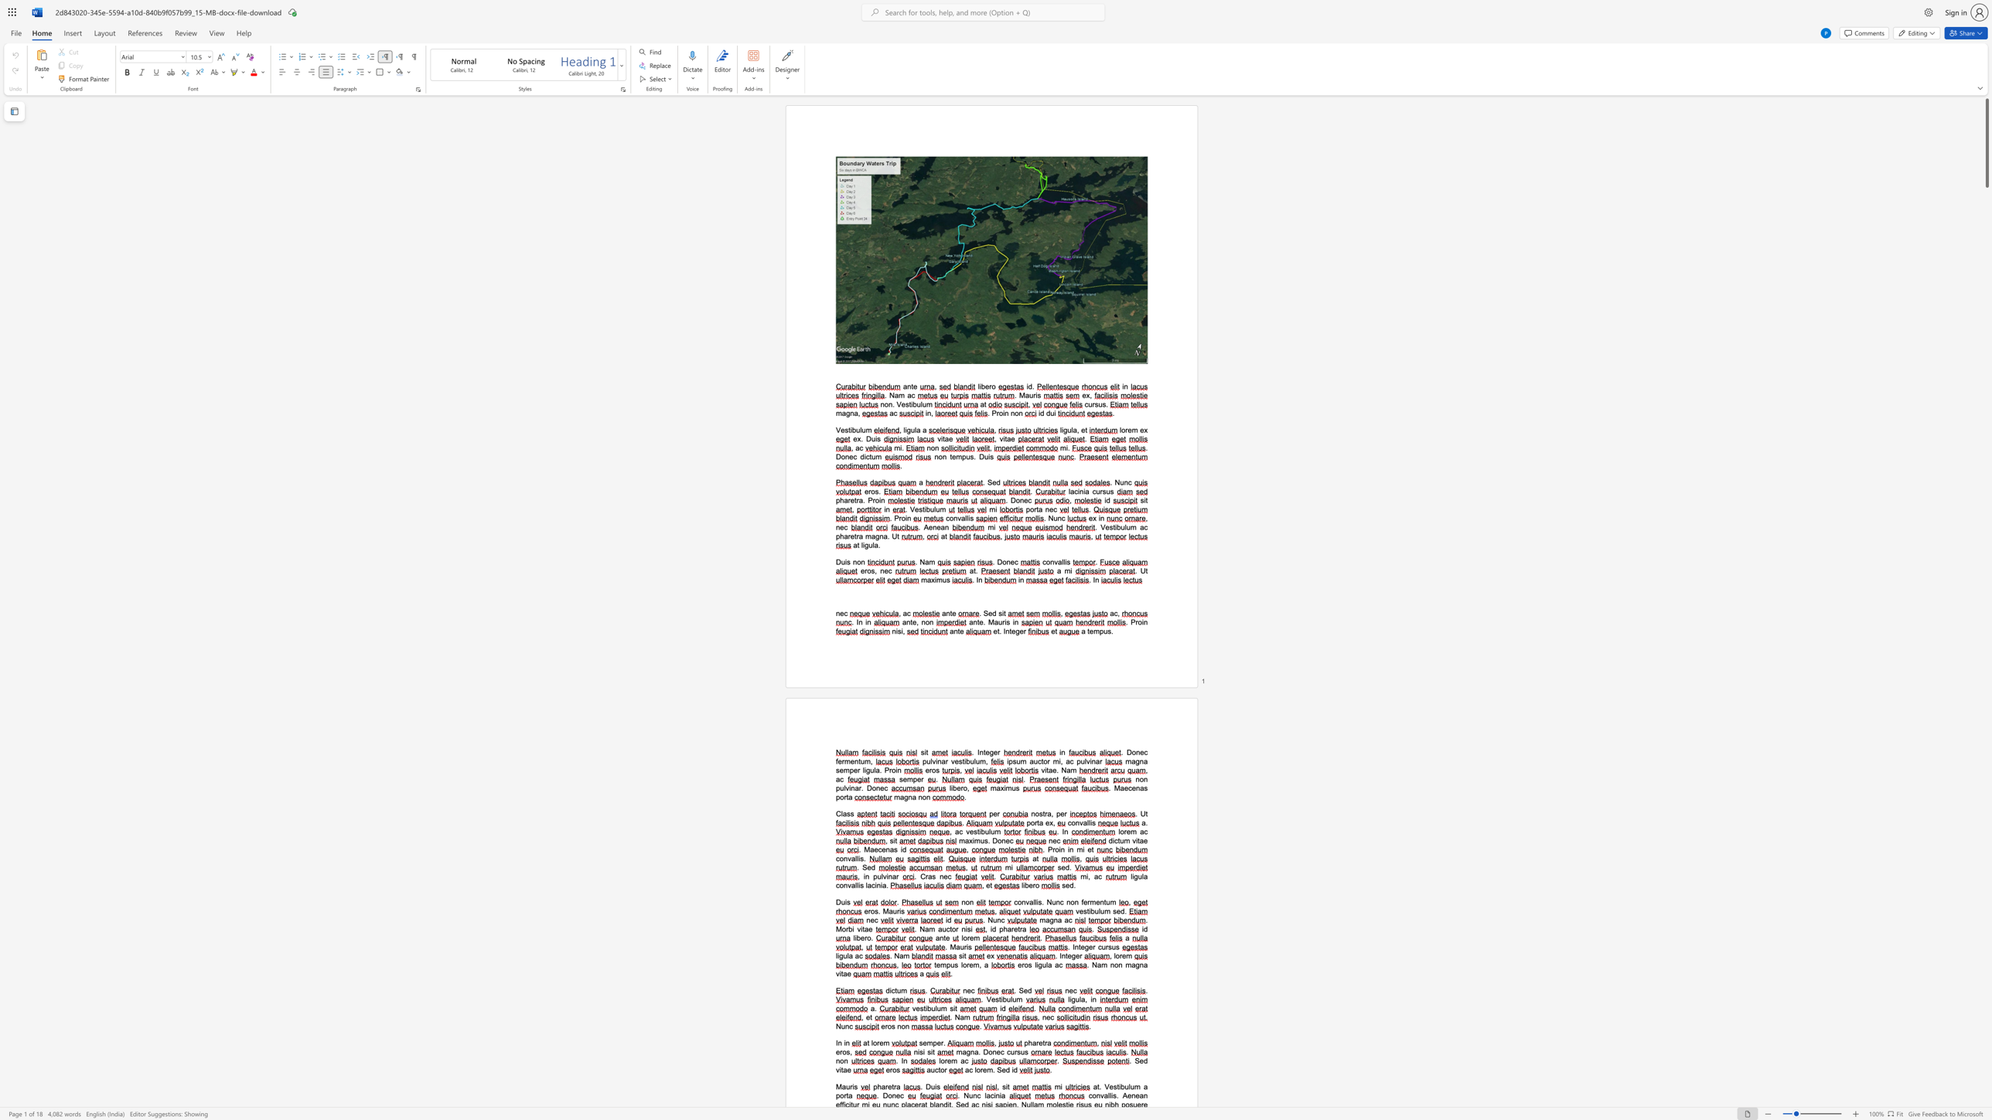 The height and width of the screenshot is (1120, 1992). I want to click on the space between the continuous character "g" and "u" in the text, so click(1041, 965).